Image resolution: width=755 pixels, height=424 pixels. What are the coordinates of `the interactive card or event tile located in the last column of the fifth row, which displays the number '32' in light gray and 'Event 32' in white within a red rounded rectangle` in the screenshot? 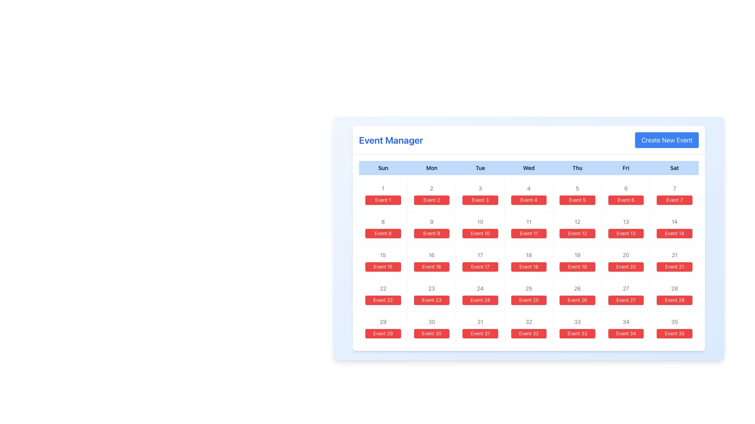 It's located at (528, 328).